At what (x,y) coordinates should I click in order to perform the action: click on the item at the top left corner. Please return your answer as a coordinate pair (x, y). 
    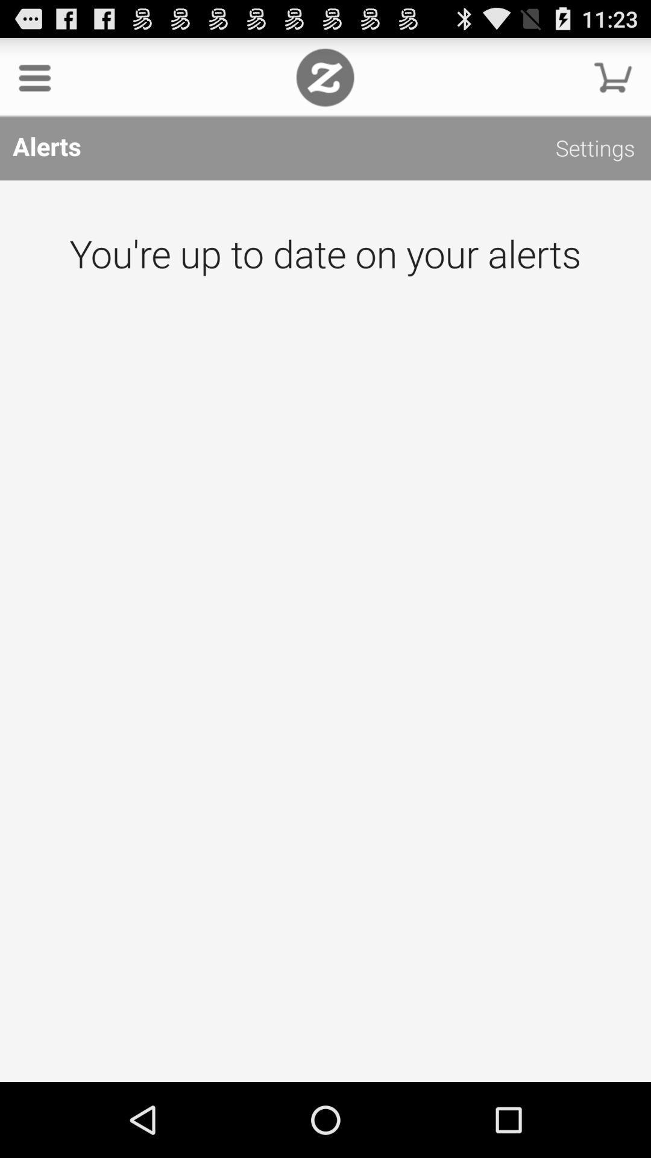
    Looking at the image, I should click on (34, 77).